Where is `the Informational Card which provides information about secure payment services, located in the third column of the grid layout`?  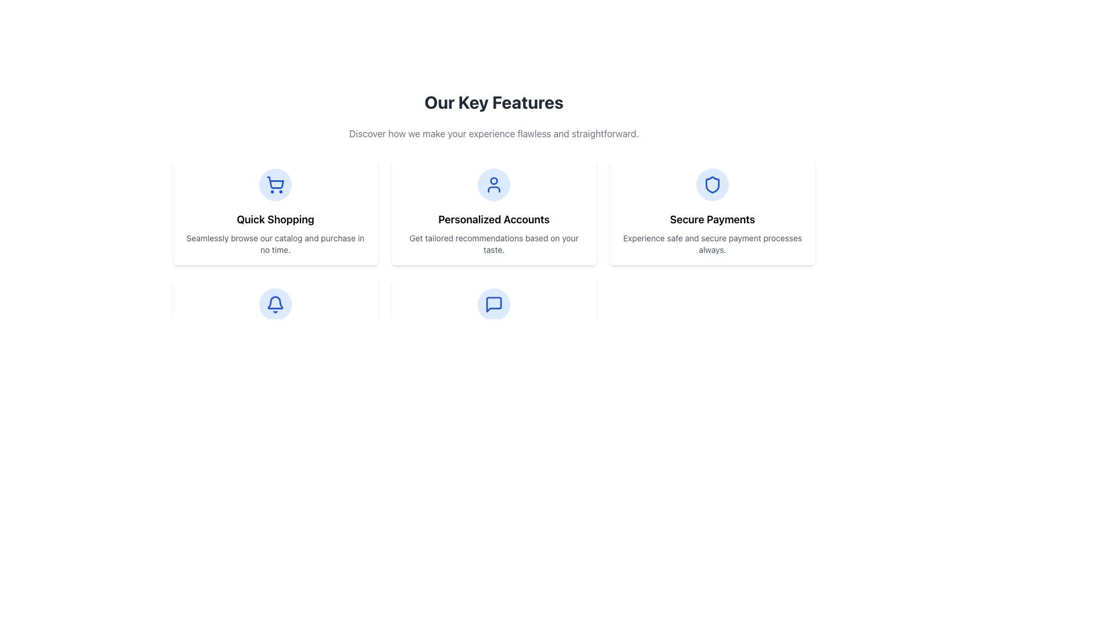 the Informational Card which provides information about secure payment services, located in the third column of the grid layout is located at coordinates (711, 212).